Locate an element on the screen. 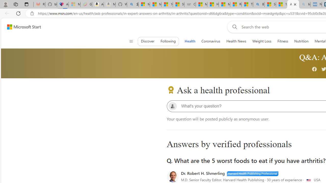  'Facebook' is located at coordinates (314, 69).